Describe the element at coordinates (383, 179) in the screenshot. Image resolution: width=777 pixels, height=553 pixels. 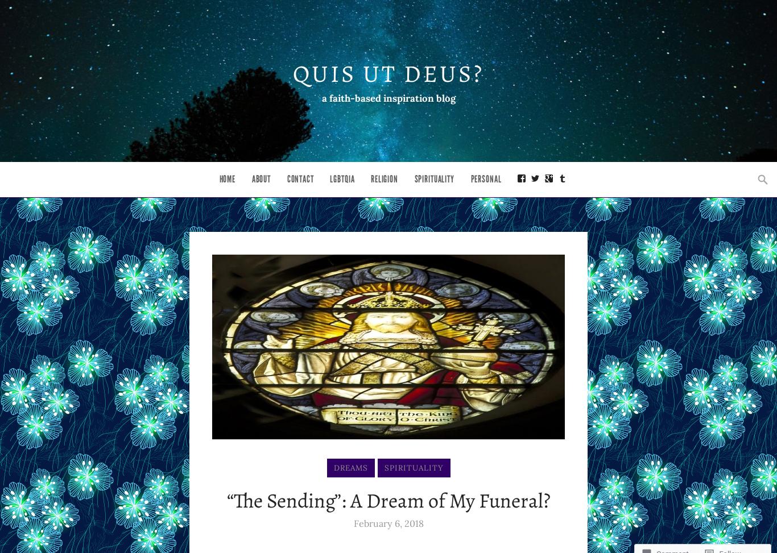
I see `'Religion'` at that location.